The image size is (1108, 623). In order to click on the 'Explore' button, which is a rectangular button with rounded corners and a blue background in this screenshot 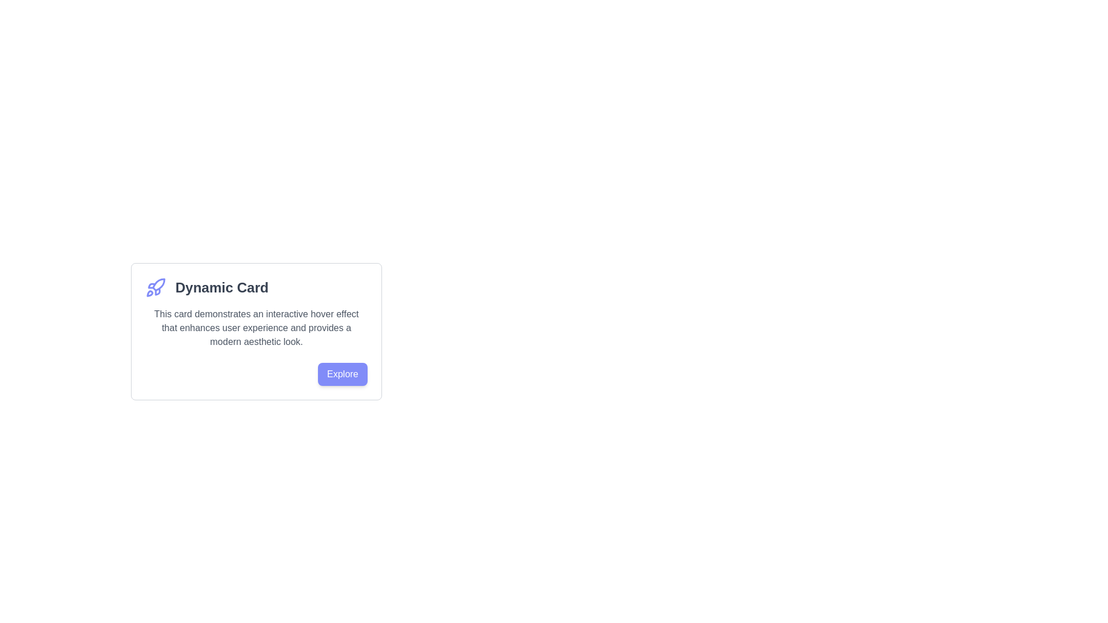, I will do `click(342, 374)`.